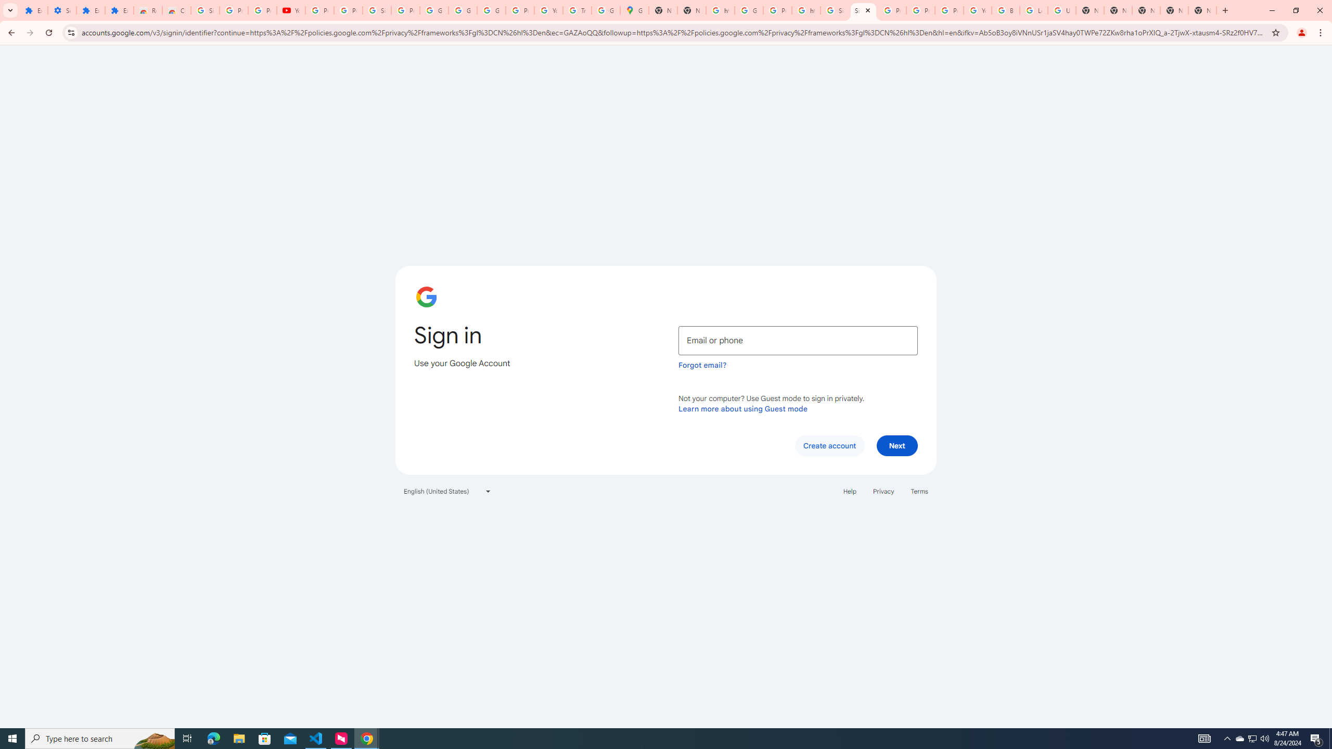 This screenshot has height=749, width=1332. I want to click on 'Learn more about using Guest mode', so click(742, 408).